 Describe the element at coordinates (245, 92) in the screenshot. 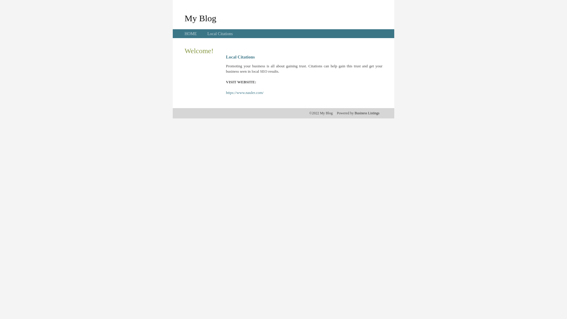

I see `'https://www.nauler.com/'` at that location.